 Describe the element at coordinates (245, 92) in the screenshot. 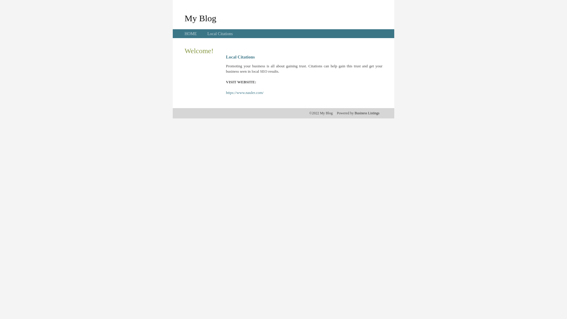

I see `'https://www.nauler.com/'` at that location.